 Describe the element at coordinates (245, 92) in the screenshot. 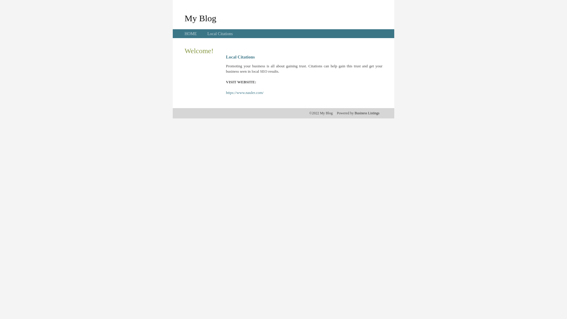

I see `'https://www.nauler.com/'` at that location.